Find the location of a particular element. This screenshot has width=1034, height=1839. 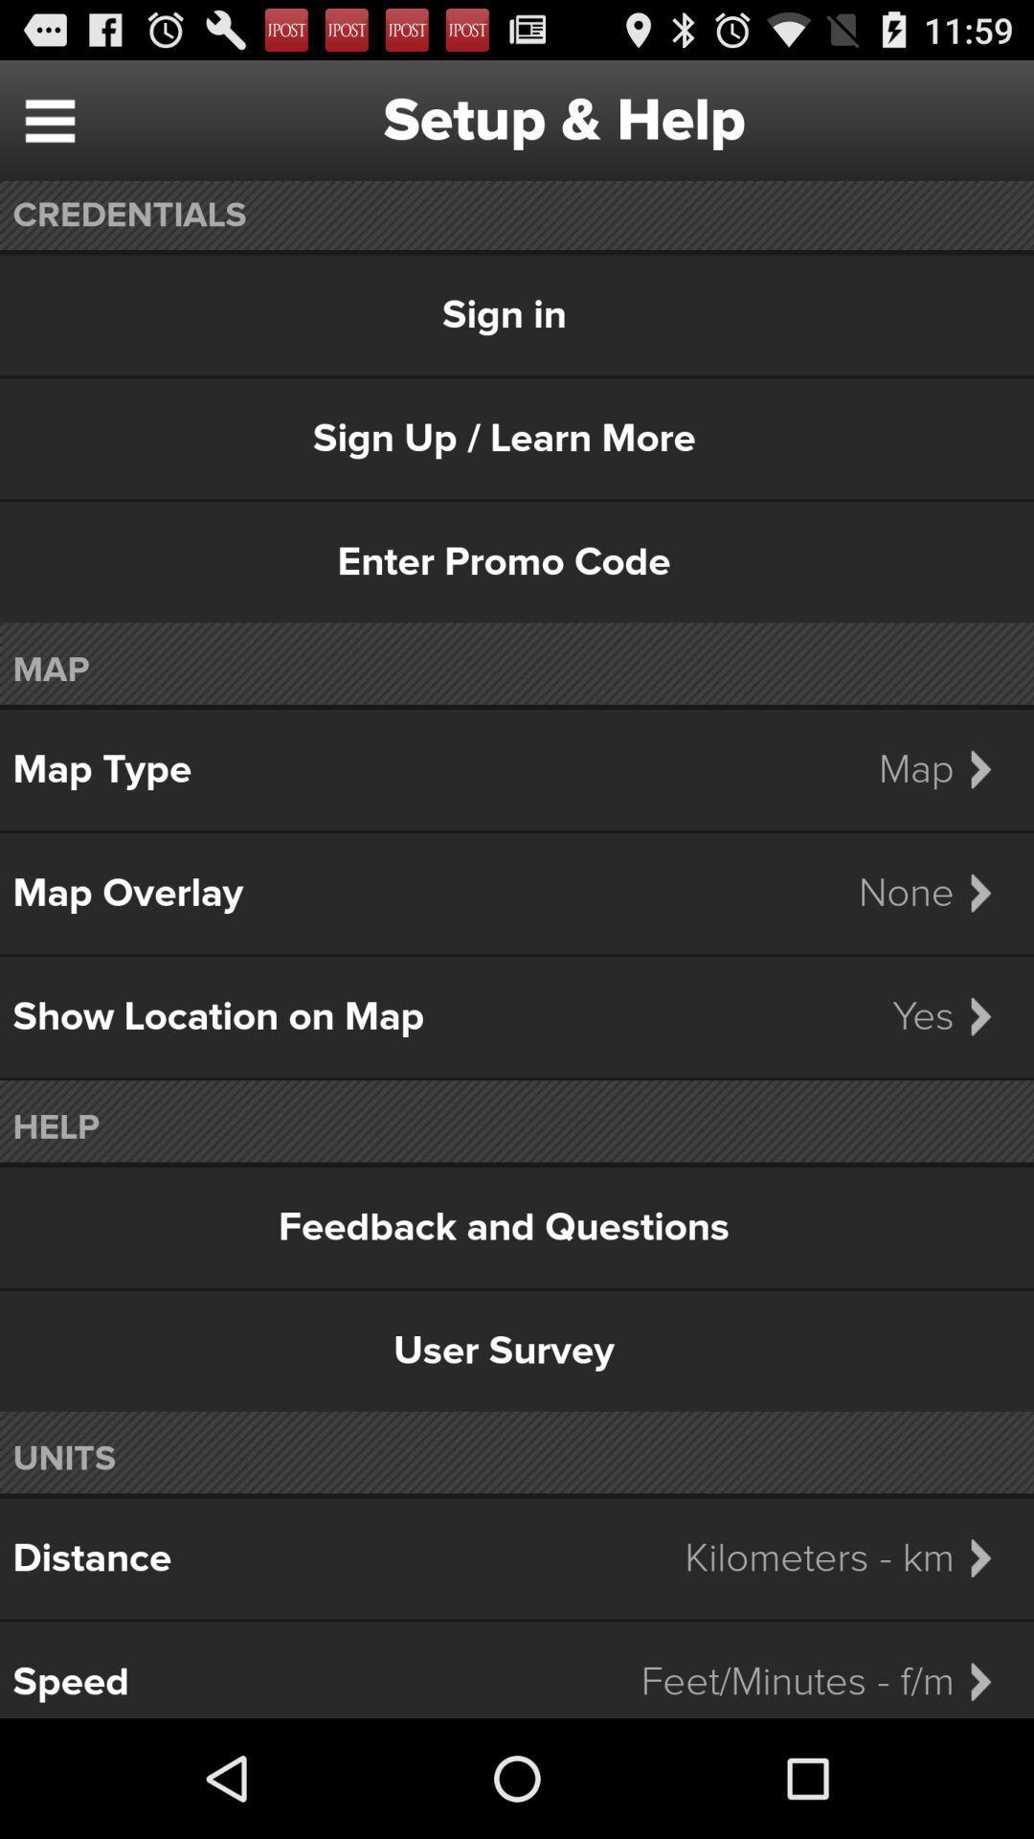

the item above the map icon is located at coordinates (517, 561).